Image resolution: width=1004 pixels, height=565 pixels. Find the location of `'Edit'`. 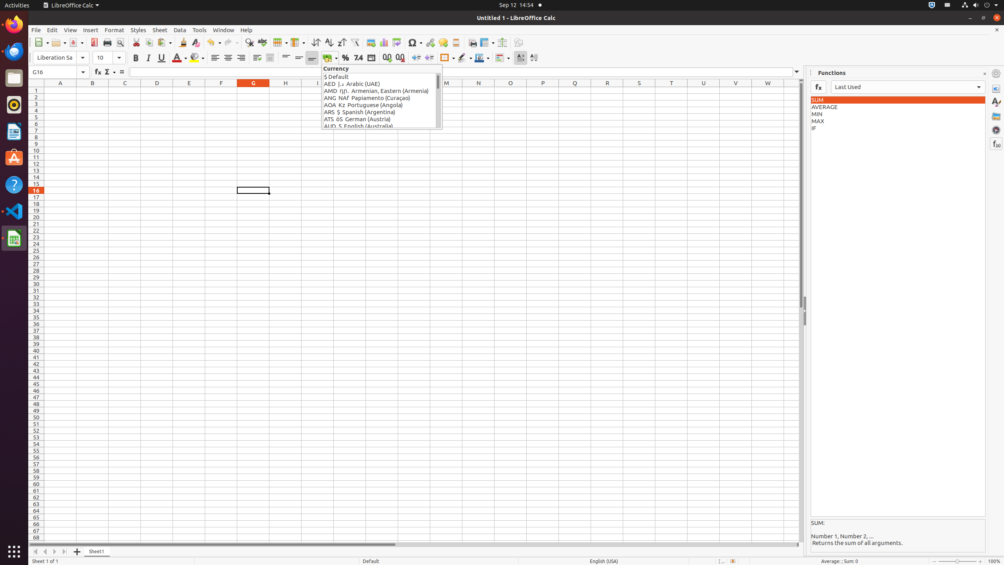

'Edit' is located at coordinates (52, 30).